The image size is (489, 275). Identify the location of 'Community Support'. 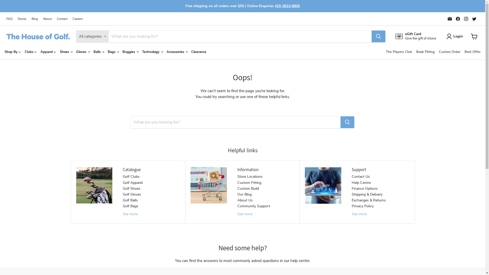
(254, 206).